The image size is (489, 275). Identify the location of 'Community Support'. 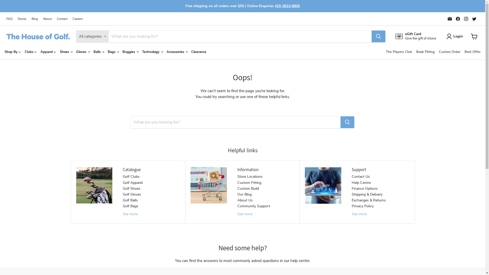
(254, 206).